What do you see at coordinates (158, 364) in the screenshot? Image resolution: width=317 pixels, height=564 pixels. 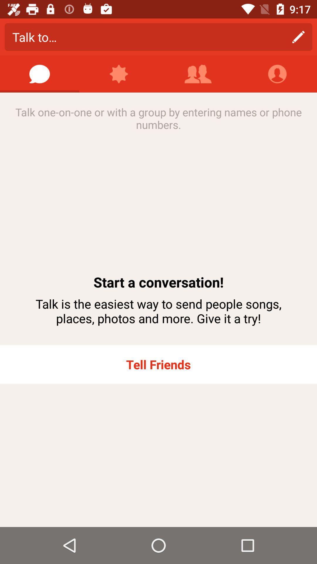 I see `tell friends icon` at bounding box center [158, 364].